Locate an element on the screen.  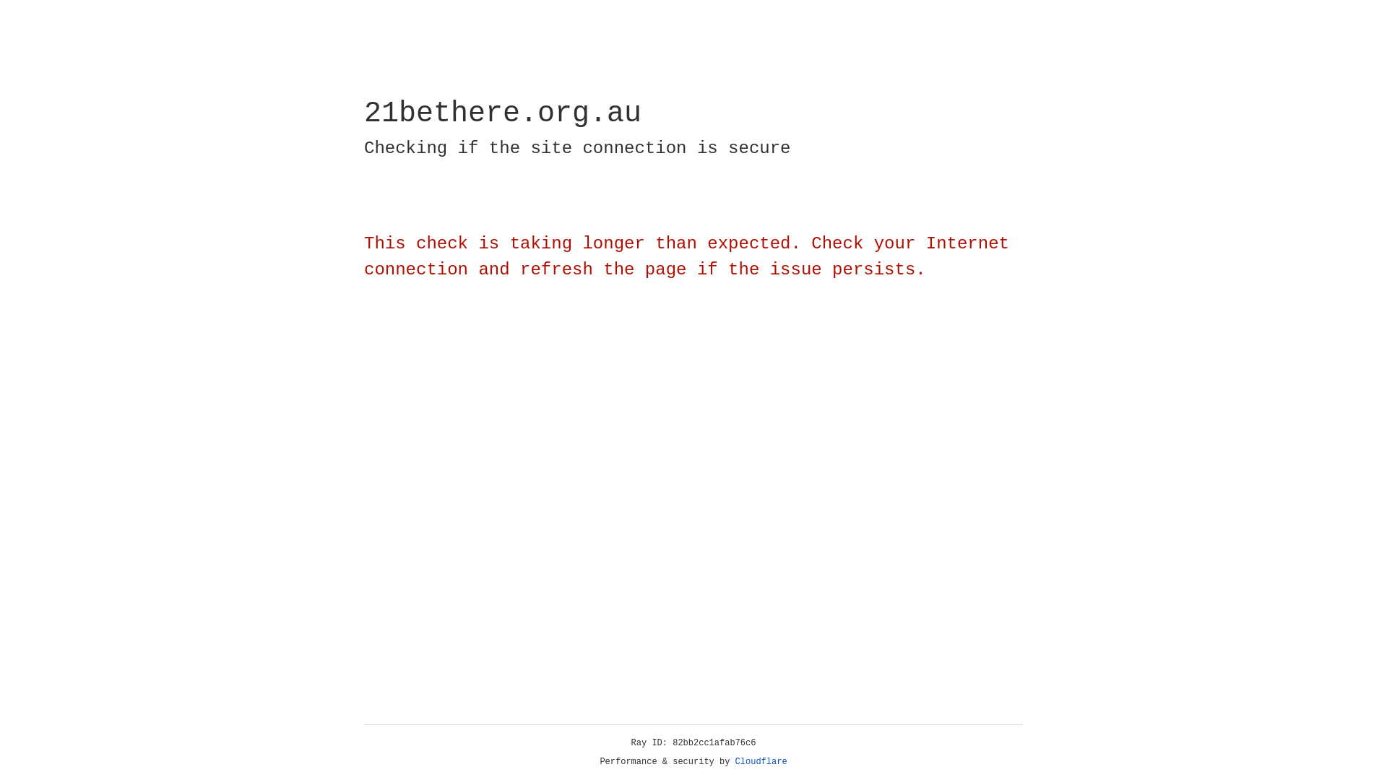
'Cloudflare' is located at coordinates (761, 761).